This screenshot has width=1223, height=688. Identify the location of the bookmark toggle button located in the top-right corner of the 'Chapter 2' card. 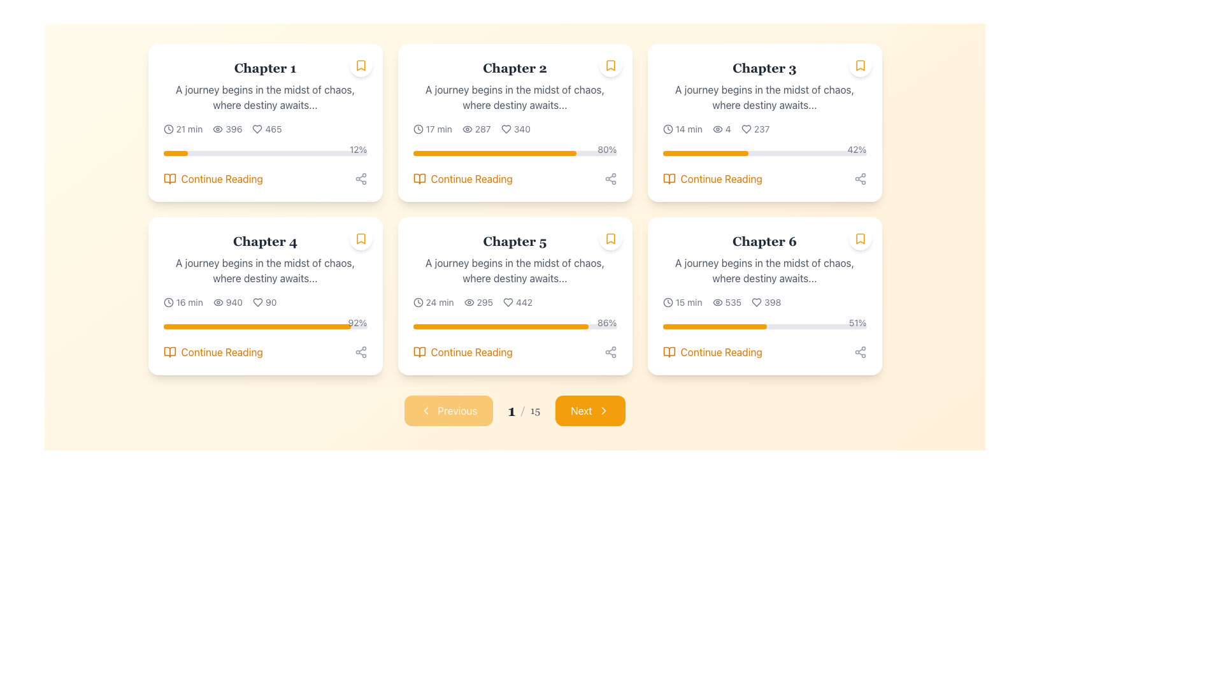
(610, 66).